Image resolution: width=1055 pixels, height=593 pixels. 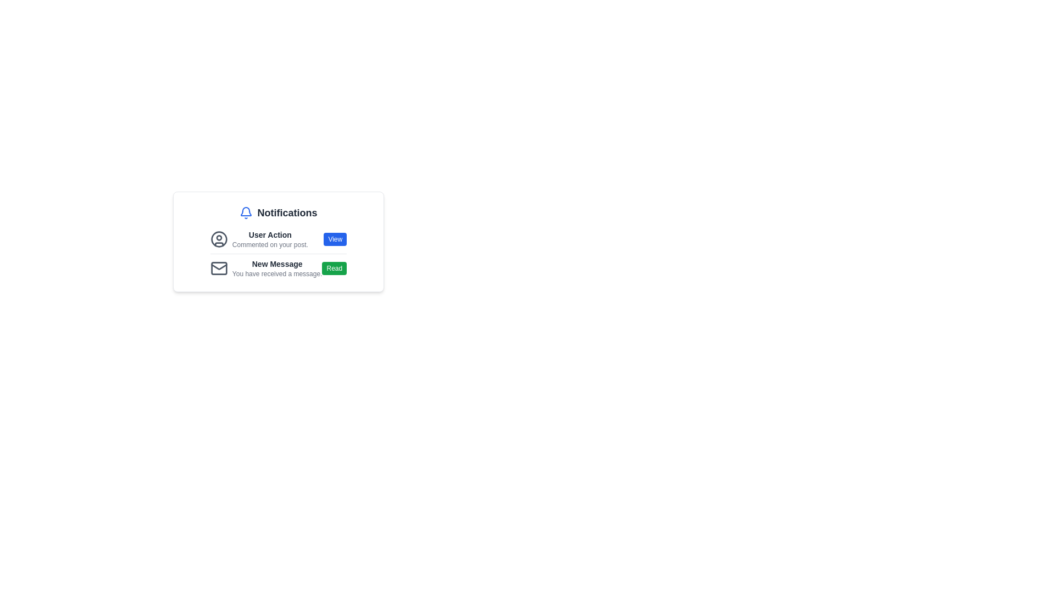 What do you see at coordinates (219, 268) in the screenshot?
I see `the decorative icon representing a new message located under the 'Notifications' heading, positioned to the left of the 'New Message' text` at bounding box center [219, 268].